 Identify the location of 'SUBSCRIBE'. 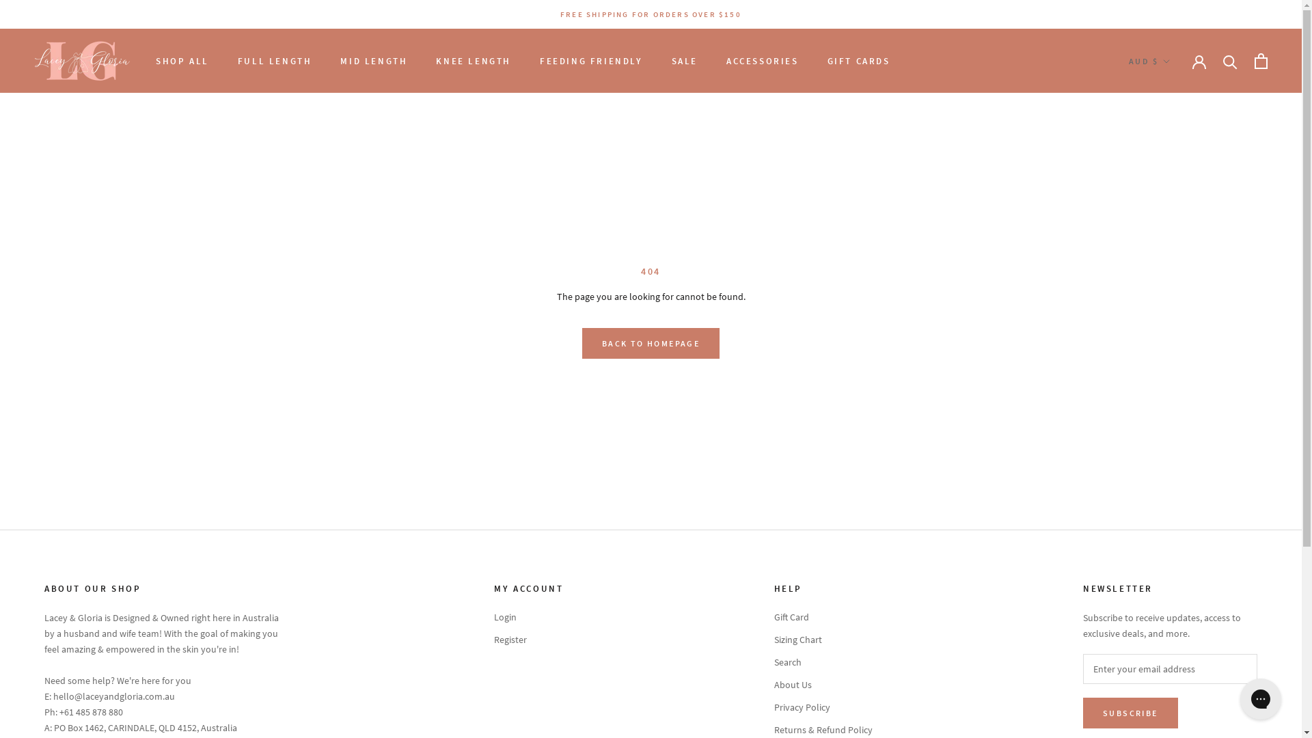
(1130, 712).